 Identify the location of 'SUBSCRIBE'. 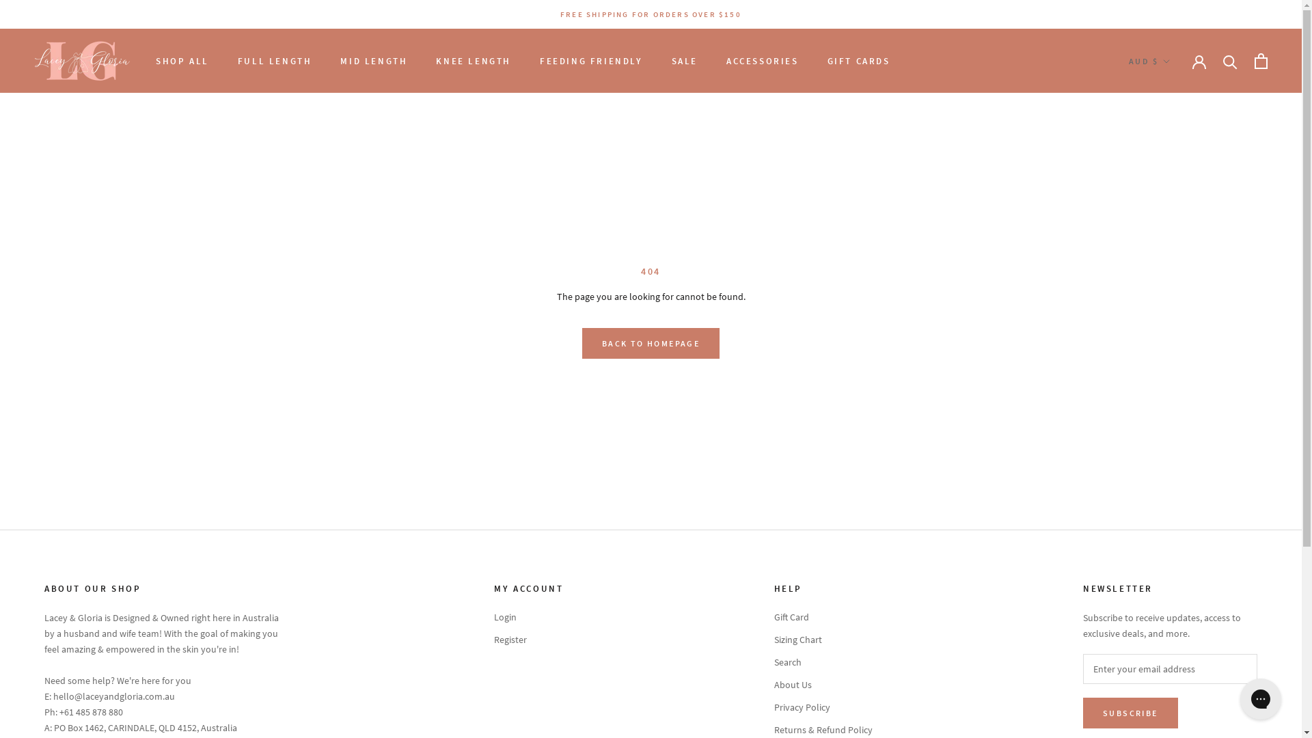
(1130, 712).